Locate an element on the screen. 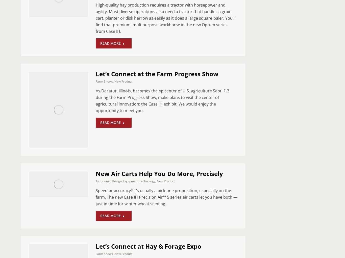 Image resolution: width=345 pixels, height=258 pixels. 'New Air Carts Help You Do More, Precisely' is located at coordinates (95, 173).